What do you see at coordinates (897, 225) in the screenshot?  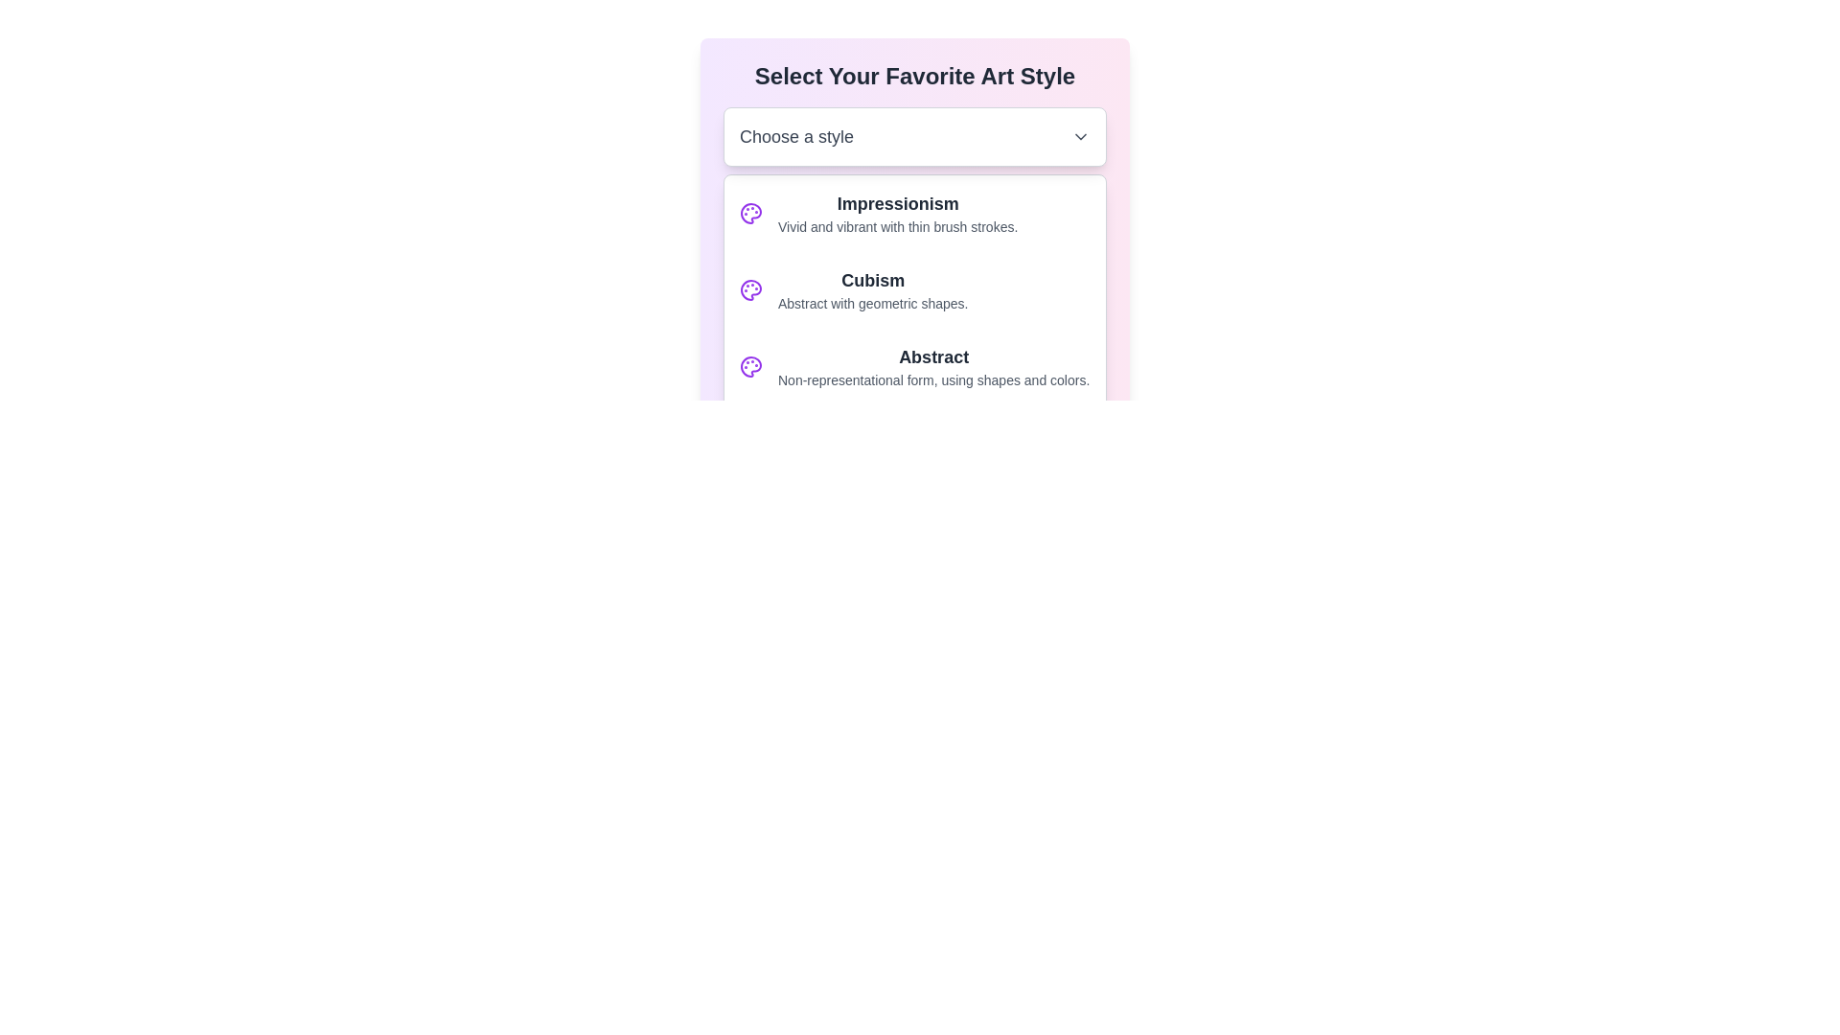 I see `the descriptive text label that provides additional context about the 'Impressionism' style, located directly below the 'Impressionism' title in the 'Select Your Favorite Art Style' dropdown` at bounding box center [897, 225].